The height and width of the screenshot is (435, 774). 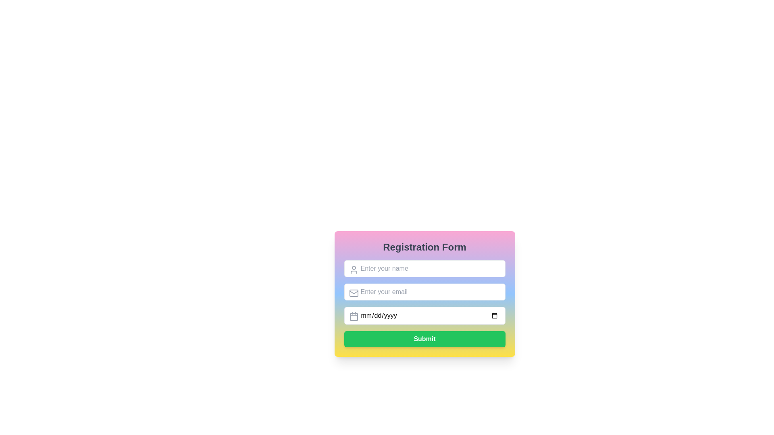 What do you see at coordinates (424, 315) in the screenshot?
I see `the Date input field, which is a horizontal rectangular input box styled with rounded corners and bordered edges, located below the email input field and above the green 'Submit' button, to trigger a possible tooltip or styling change` at bounding box center [424, 315].